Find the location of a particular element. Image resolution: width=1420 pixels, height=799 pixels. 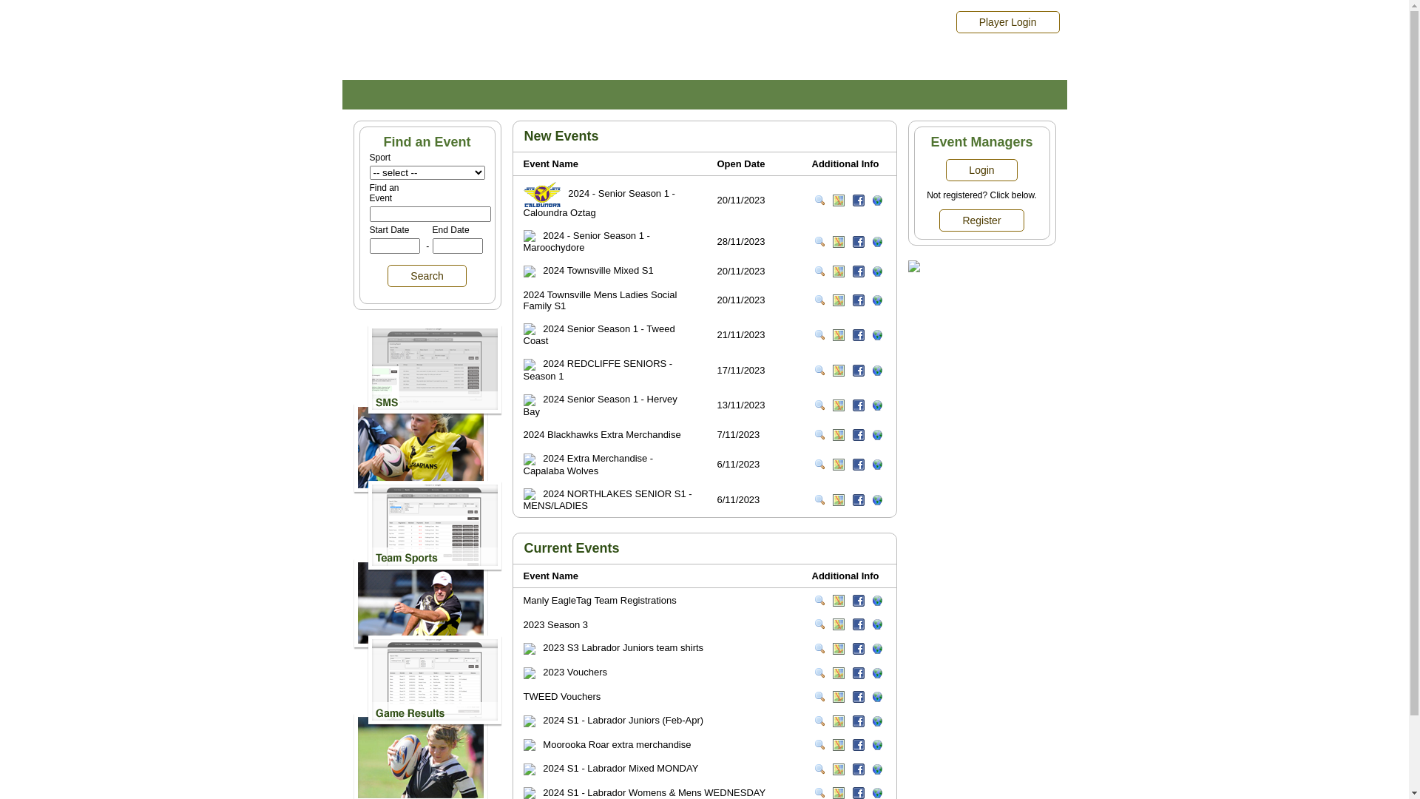

'Register' is located at coordinates (981, 220).